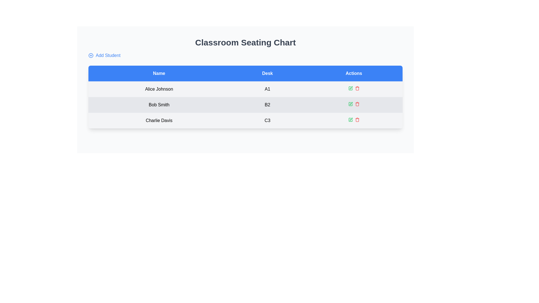 The image size is (539, 303). I want to click on the static text label reading 'Classroom Seating Chart', which is displayed in a prominent serif font style and is positioned at the center-top section of the interface, so click(245, 42).